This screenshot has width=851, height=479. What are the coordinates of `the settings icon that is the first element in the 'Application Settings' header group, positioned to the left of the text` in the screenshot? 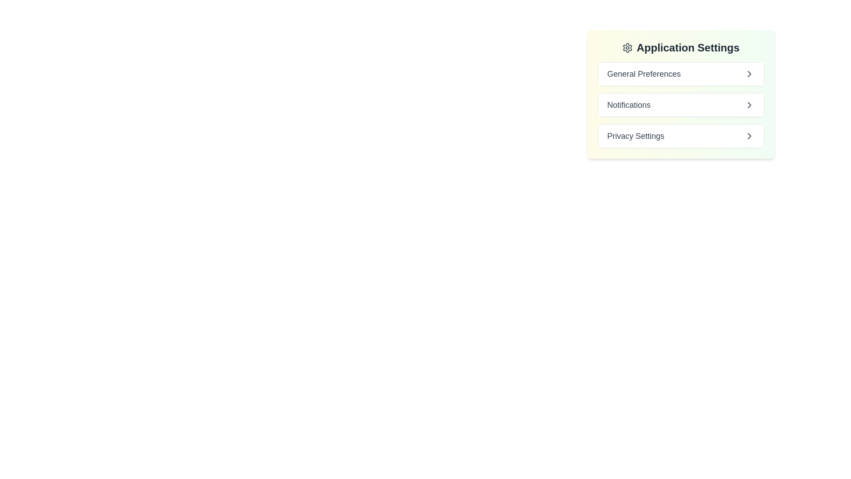 It's located at (627, 48).